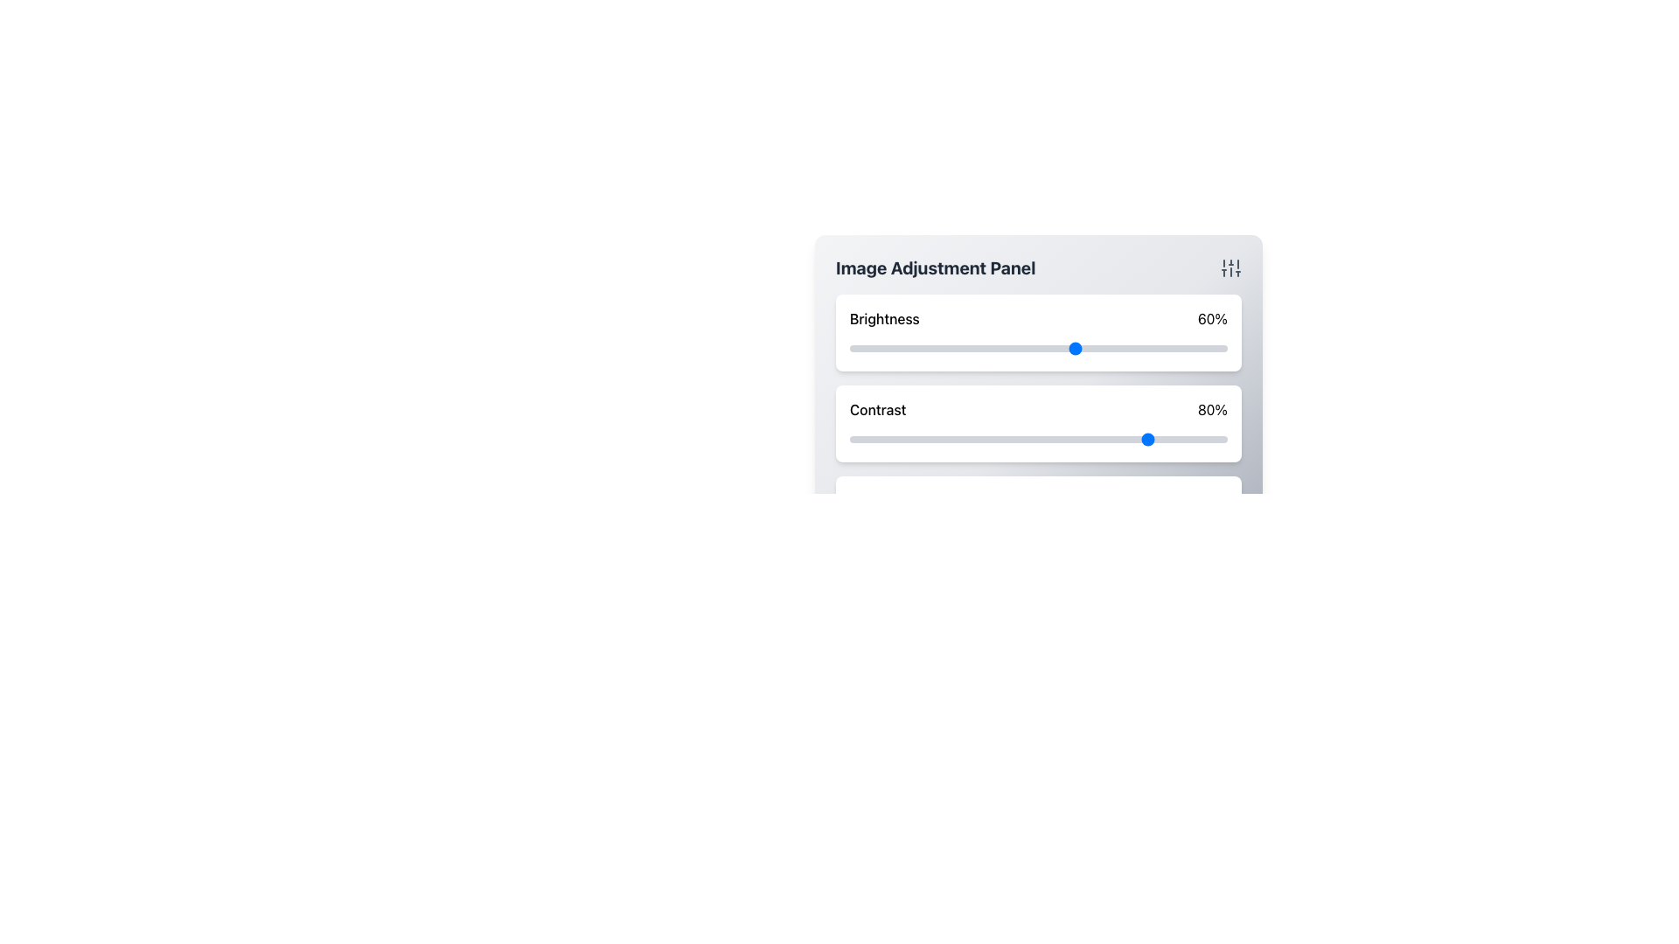  Describe the element at coordinates (913, 438) in the screenshot. I see `contrast` at that location.